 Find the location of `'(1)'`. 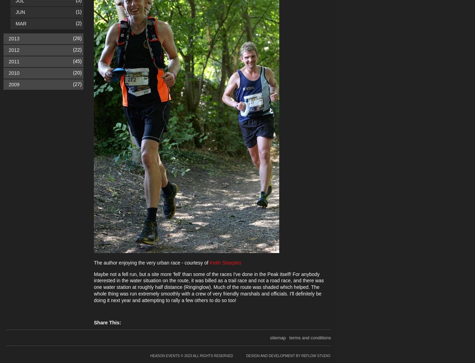

'(1)' is located at coordinates (78, 11).